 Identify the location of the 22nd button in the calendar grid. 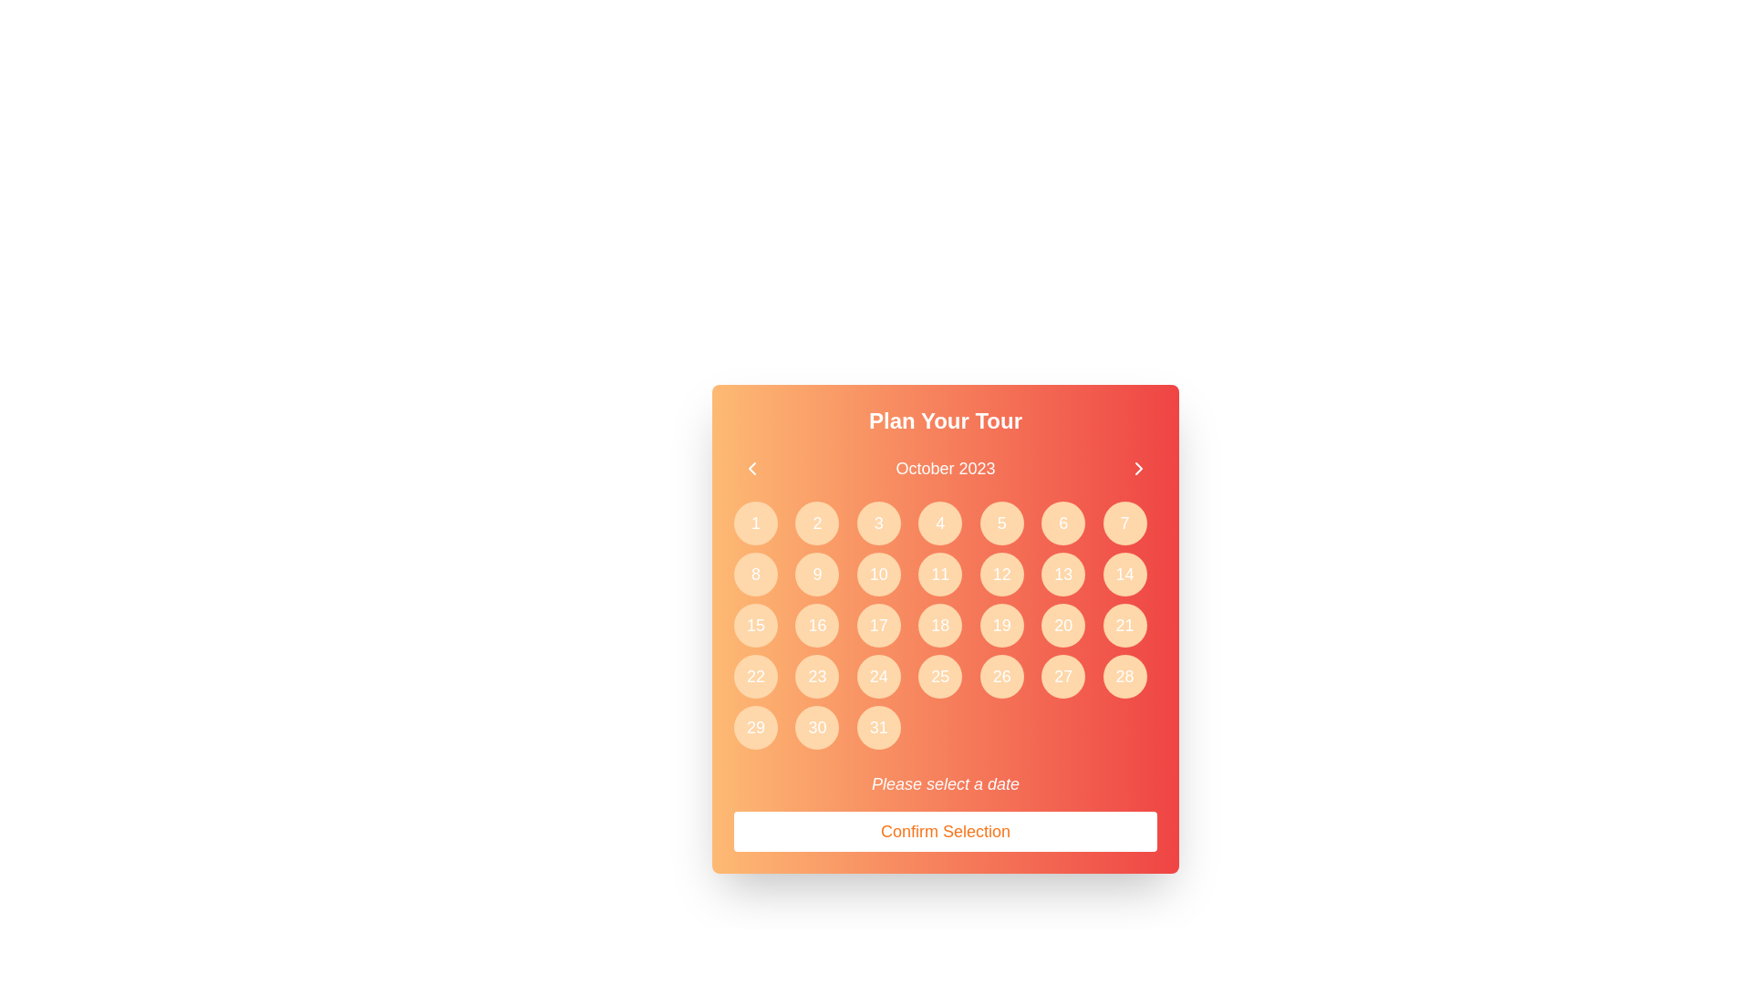
(756, 676).